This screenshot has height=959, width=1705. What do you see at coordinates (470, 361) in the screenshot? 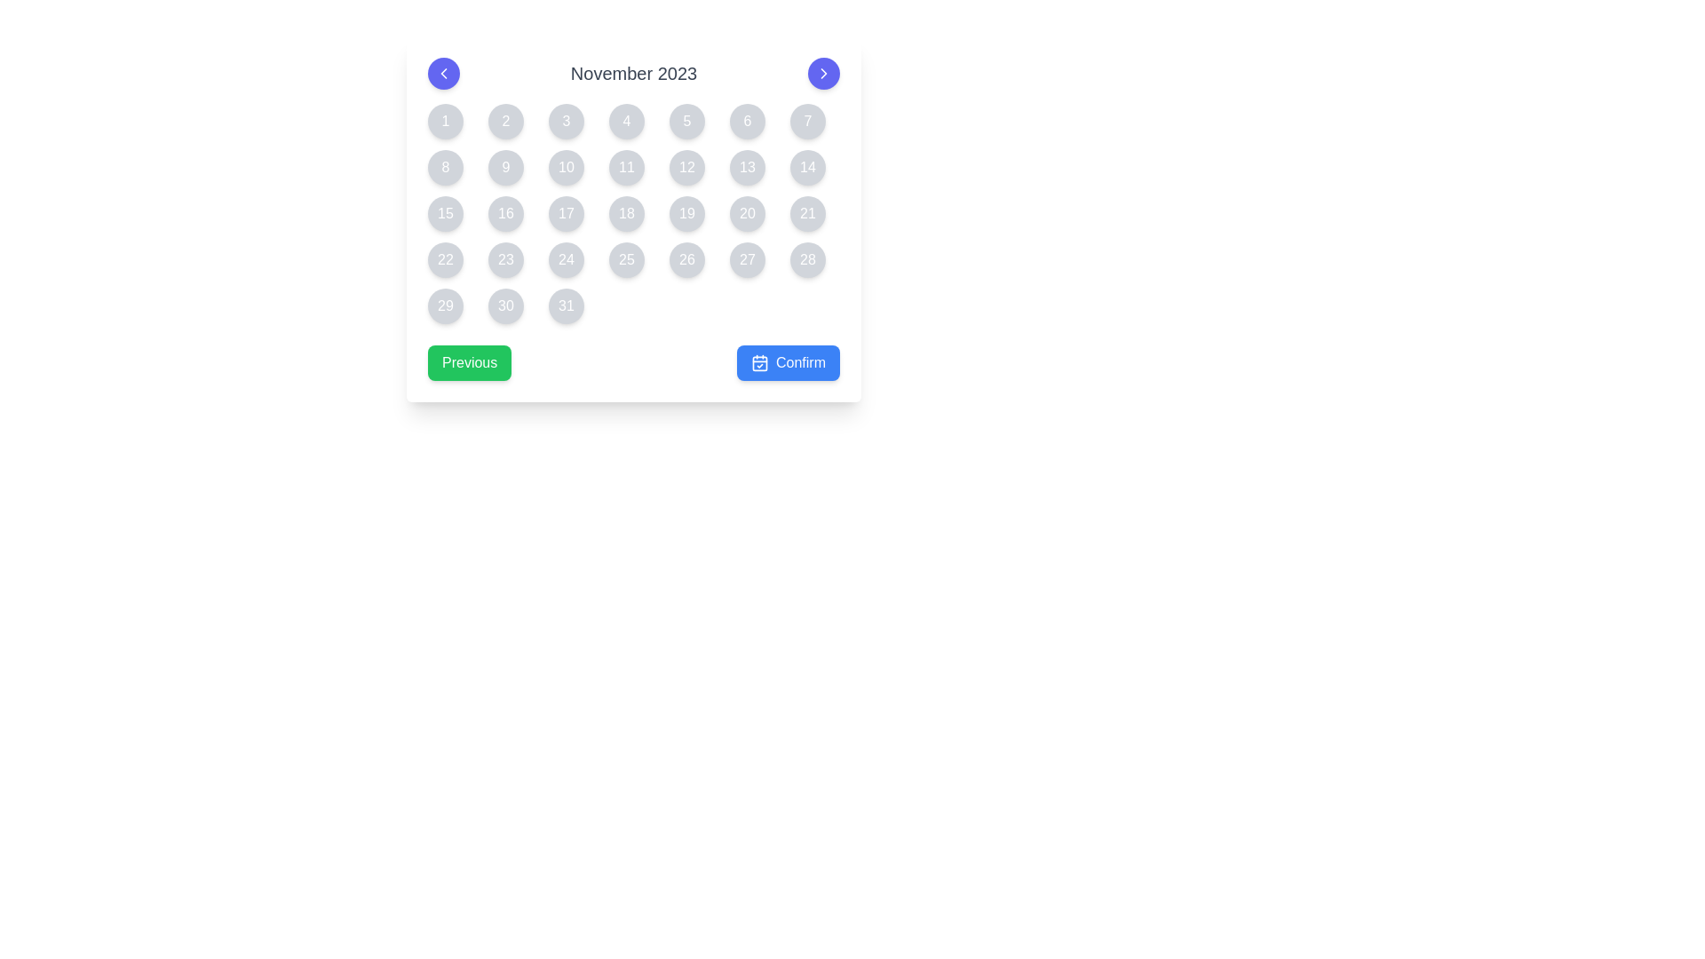
I see `the 'Previous' button located on the bottom-left side of the calendar panel for November 2023 to observe its hover effect` at bounding box center [470, 361].